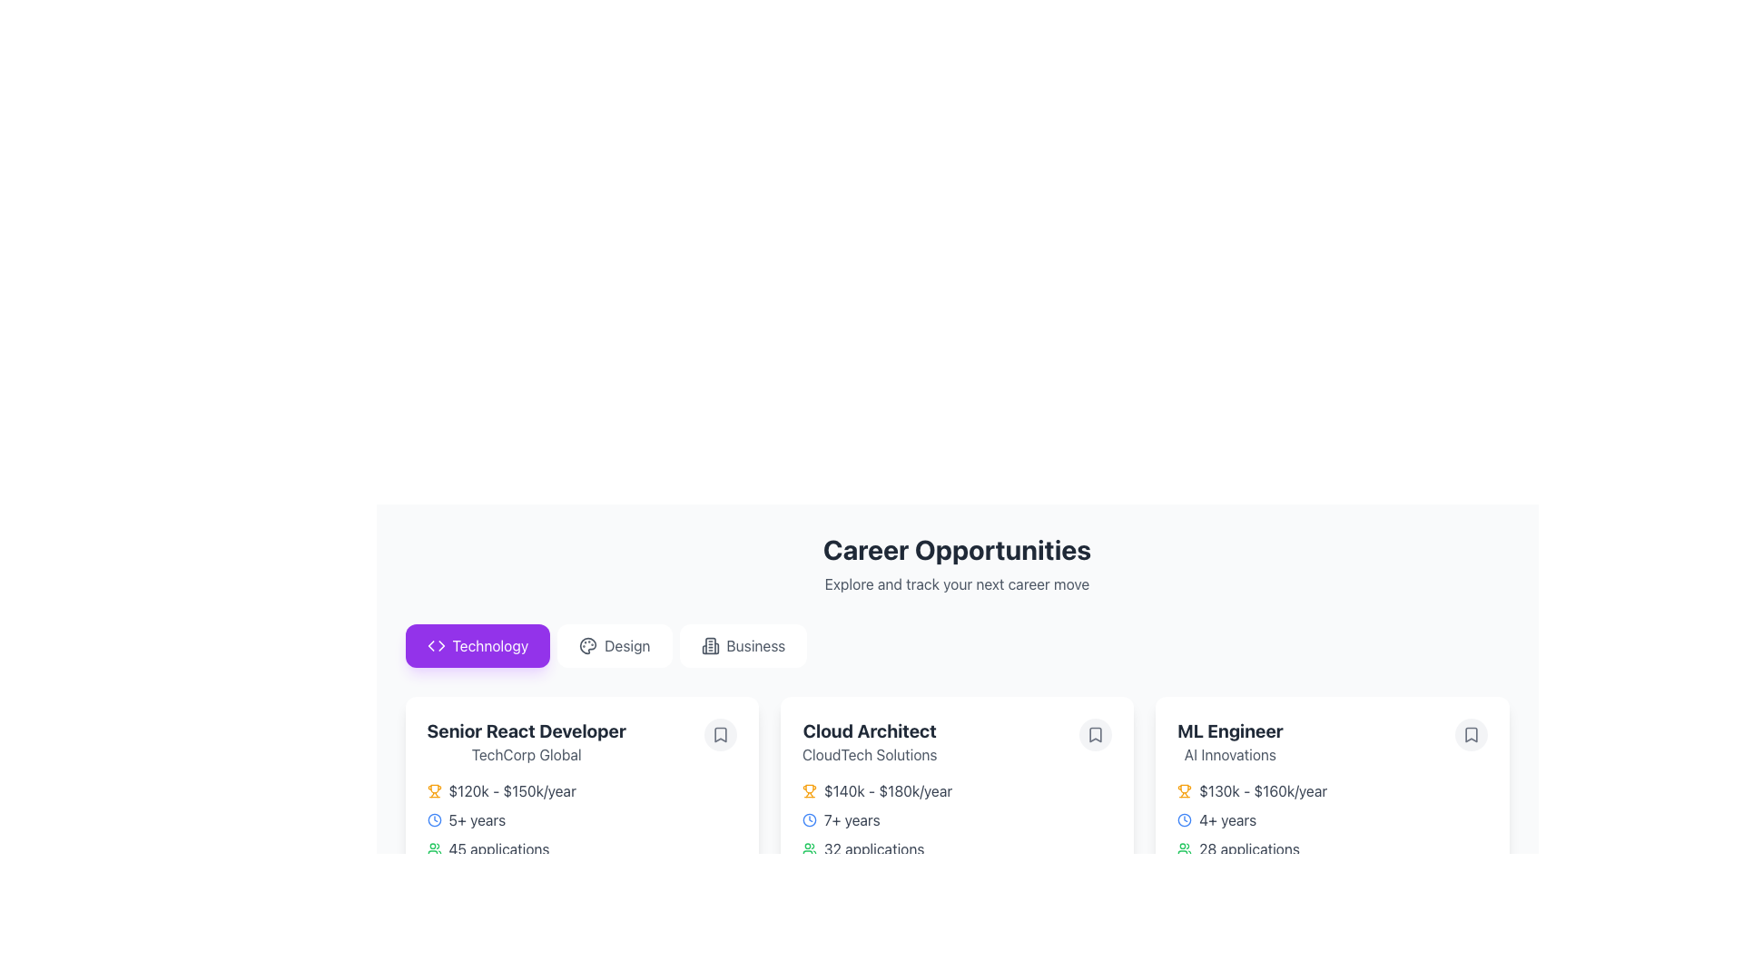 This screenshot has height=980, width=1743. What do you see at coordinates (715, 647) in the screenshot?
I see `the third segment of the icon, which is part of a larger icon representation` at bounding box center [715, 647].